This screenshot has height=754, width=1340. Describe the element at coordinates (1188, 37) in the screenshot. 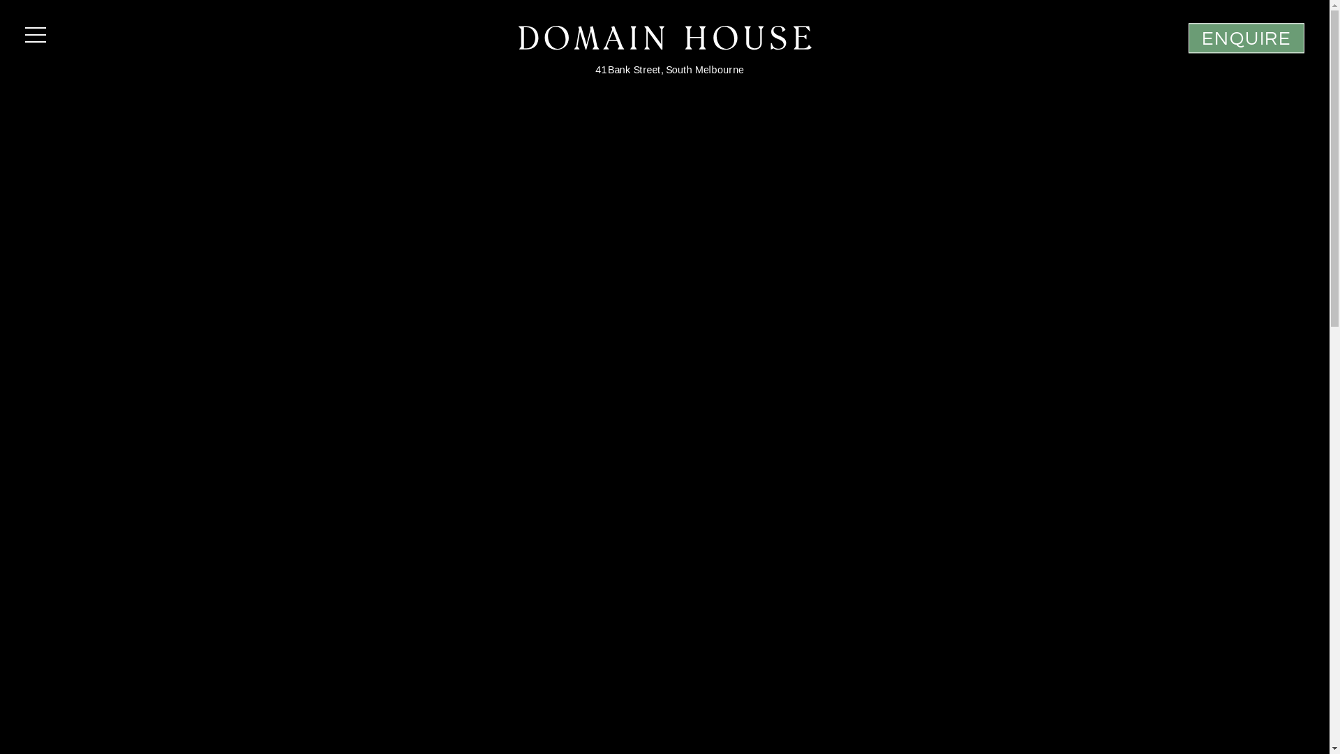

I see `'ENQUIRE'` at that location.